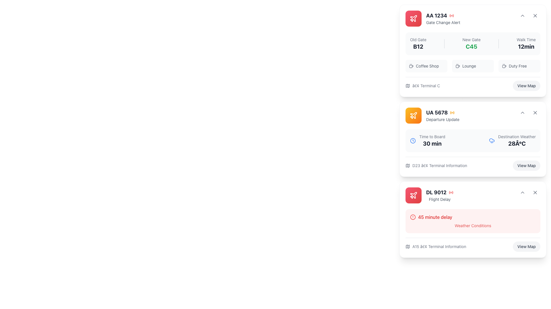 The height and width of the screenshot is (309, 551). I want to click on information displayed in the Informational display section, which includes the 'Old Gate', 'New Gate', and 'Walk Time' labels, located in the middle section of the card at the top of the interface, so click(473, 52).